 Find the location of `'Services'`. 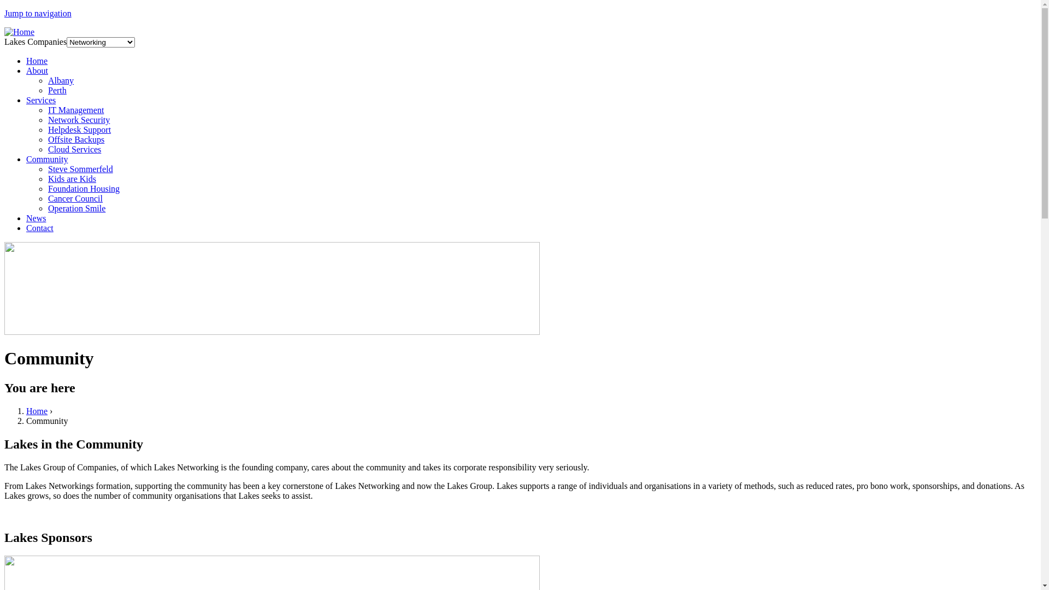

'Services' is located at coordinates (41, 100).